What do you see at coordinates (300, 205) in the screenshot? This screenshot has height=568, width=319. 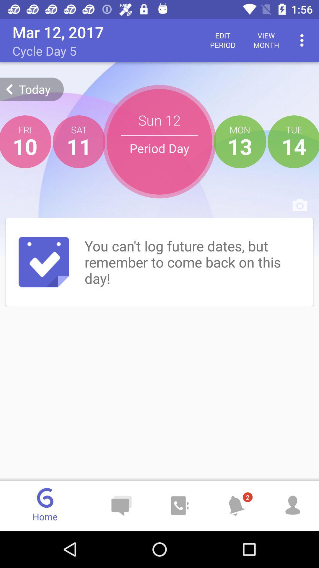 I see `take photo` at bounding box center [300, 205].